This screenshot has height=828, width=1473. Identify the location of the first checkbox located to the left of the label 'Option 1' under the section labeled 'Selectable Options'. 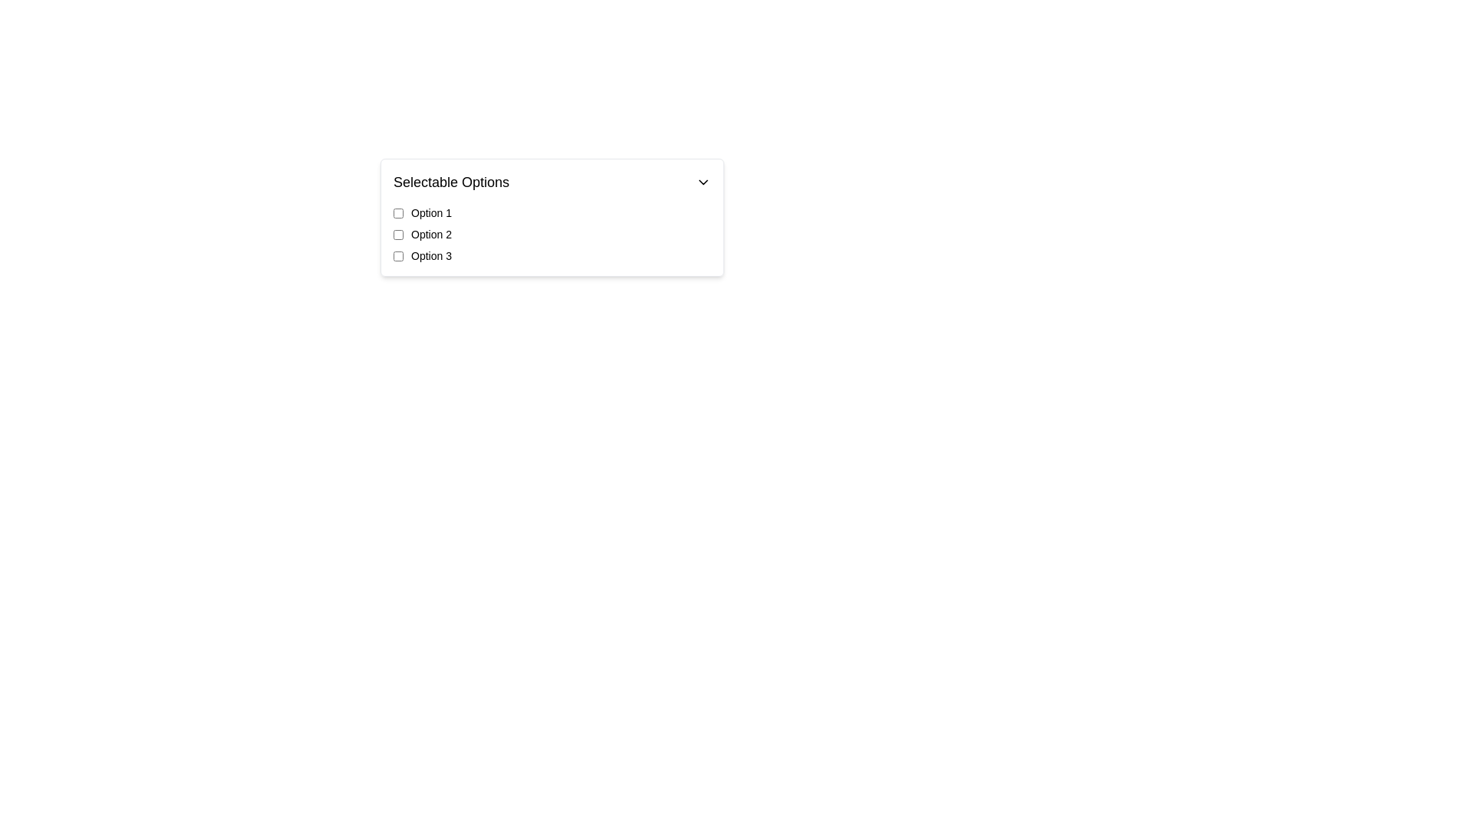
(398, 212).